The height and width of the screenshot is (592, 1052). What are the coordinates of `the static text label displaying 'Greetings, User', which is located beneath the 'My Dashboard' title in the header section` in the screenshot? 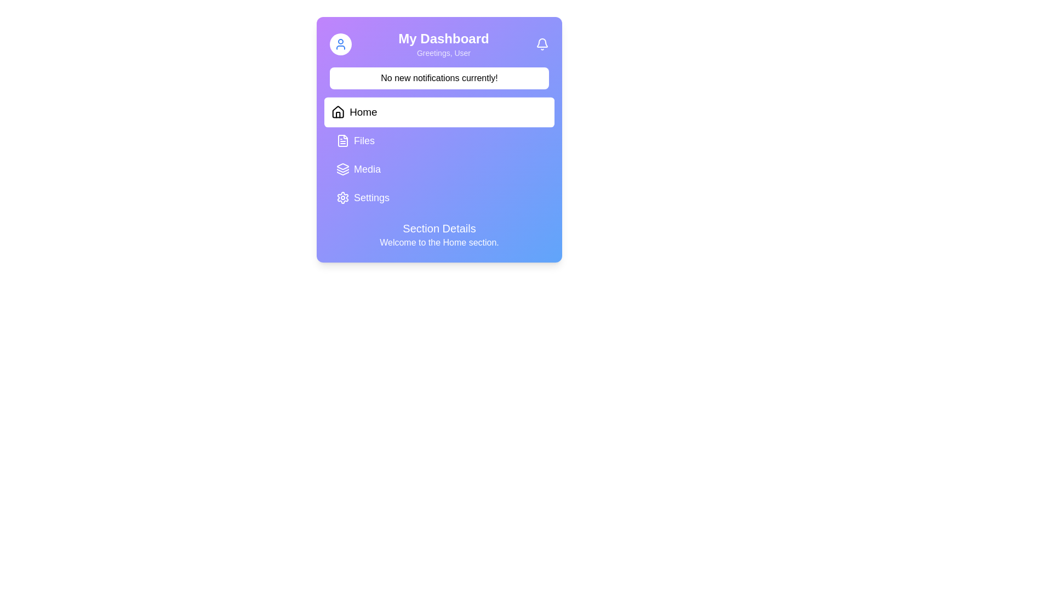 It's located at (444, 53).